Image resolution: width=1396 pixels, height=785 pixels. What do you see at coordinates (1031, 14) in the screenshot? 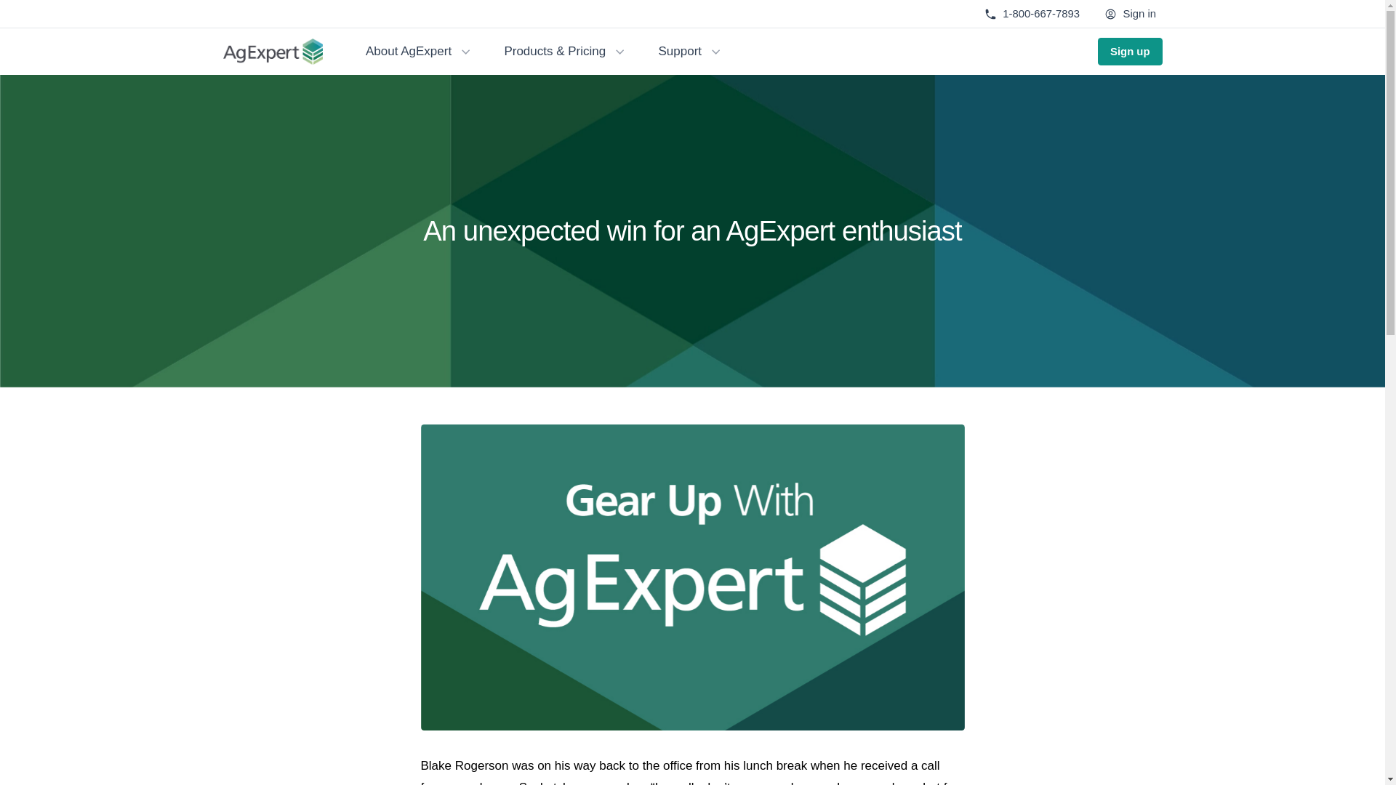
I see `'1-800-667-7893'` at bounding box center [1031, 14].